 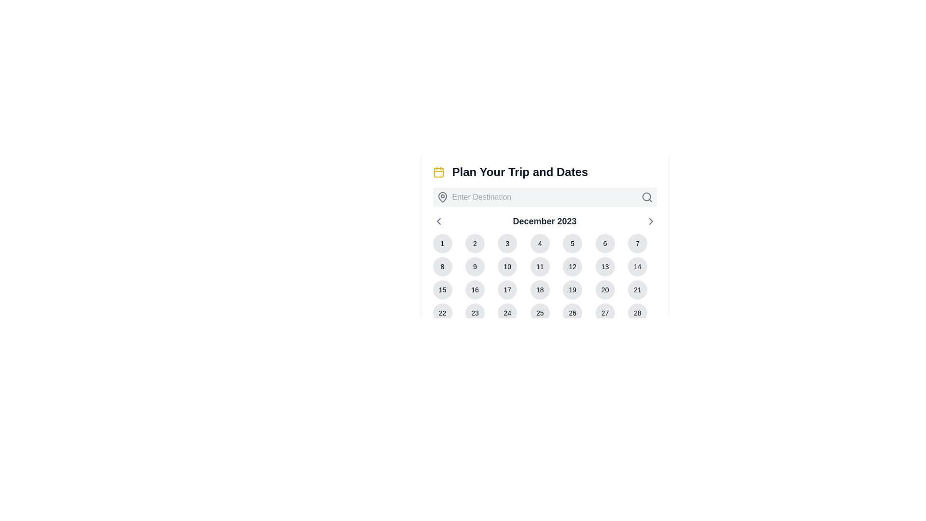 I want to click on the button, so click(x=539, y=243).